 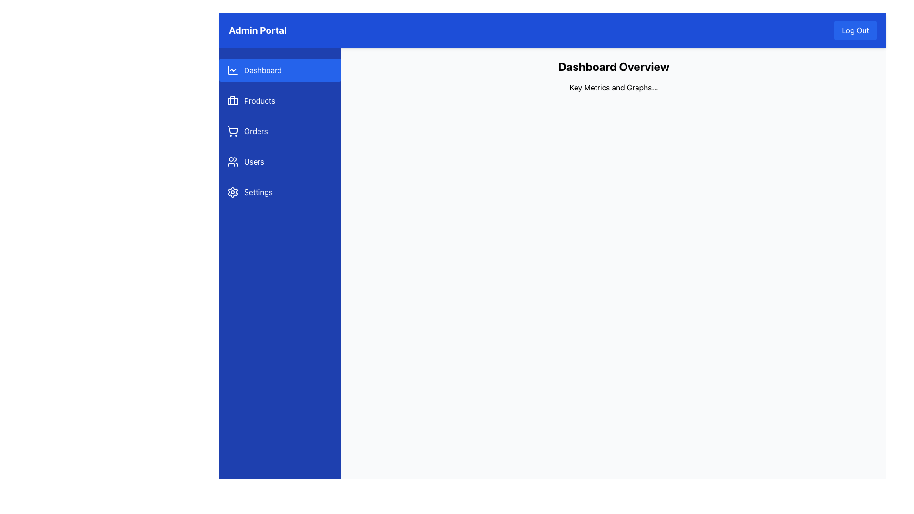 What do you see at coordinates (259, 101) in the screenshot?
I see `the 'Products' text label in the side menu, which is located to the right of the briefcase icon and highlights on hover` at bounding box center [259, 101].